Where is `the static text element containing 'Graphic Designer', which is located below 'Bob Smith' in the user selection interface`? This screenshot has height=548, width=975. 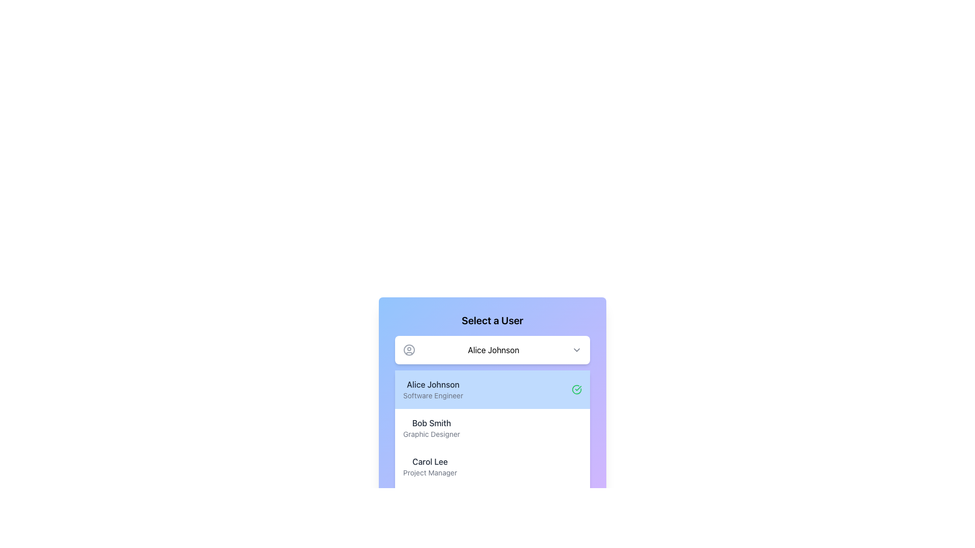
the static text element containing 'Graphic Designer', which is located below 'Bob Smith' in the user selection interface is located at coordinates (431, 434).